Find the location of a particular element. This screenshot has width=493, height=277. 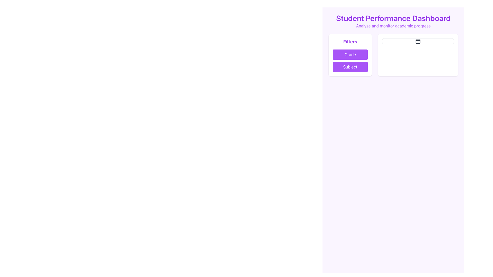

information displayed on the Header text with a subtitle at the top of the dashboard, which provides an overview of the dashboard's purpose is located at coordinates (393, 21).